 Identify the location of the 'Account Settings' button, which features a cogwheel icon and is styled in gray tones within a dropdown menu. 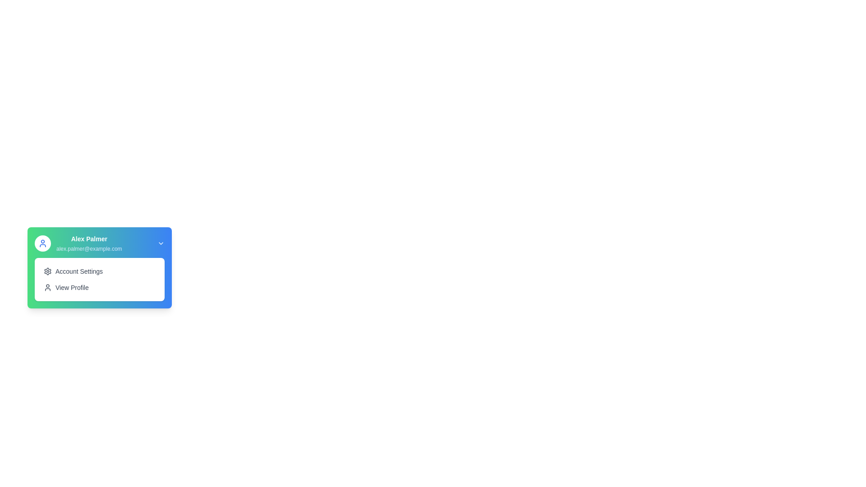
(99, 271).